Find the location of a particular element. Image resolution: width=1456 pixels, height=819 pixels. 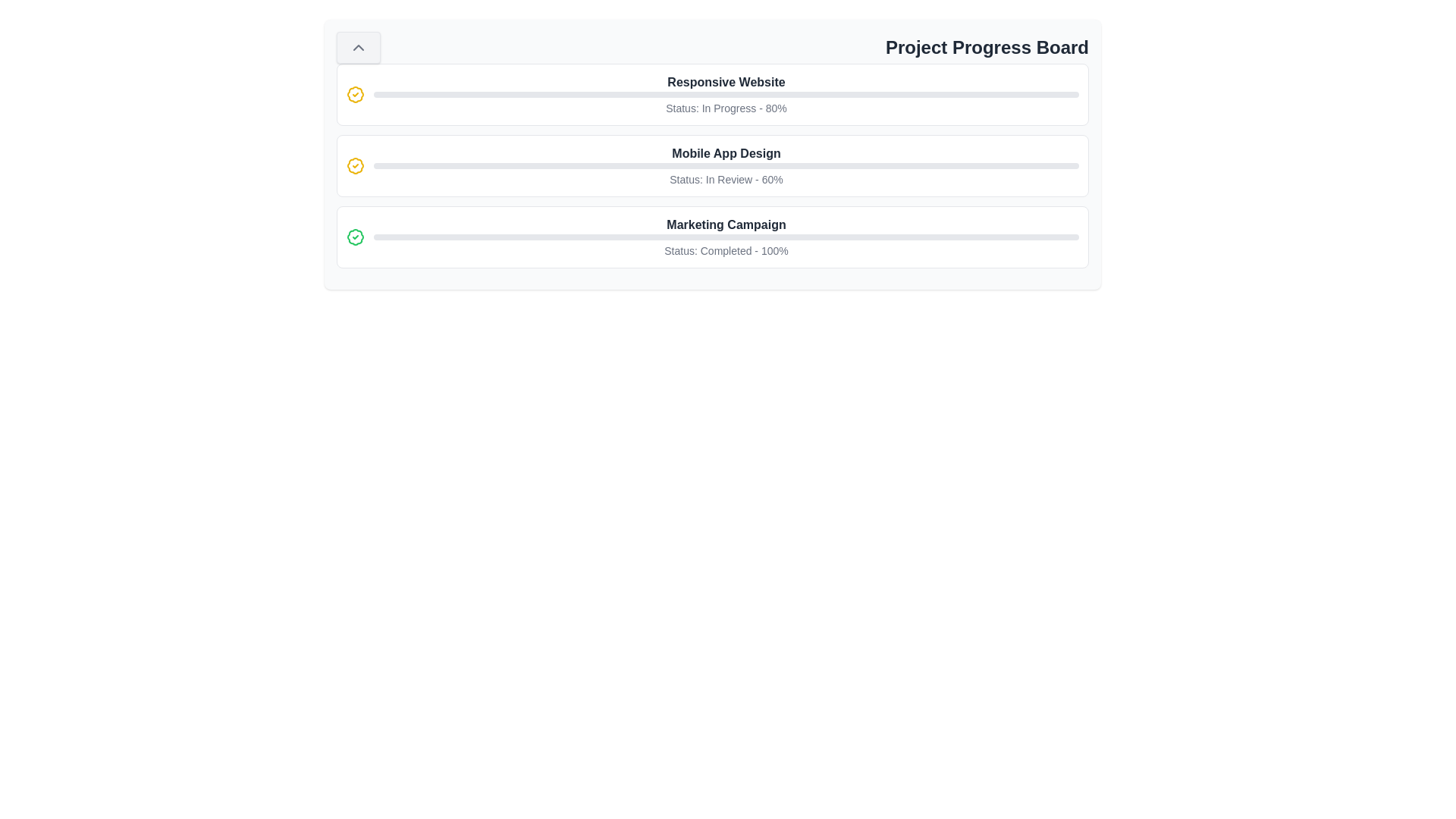

the progress bar indicating 60% completion in the 'Mobile App Design' project section is located at coordinates (726, 166).